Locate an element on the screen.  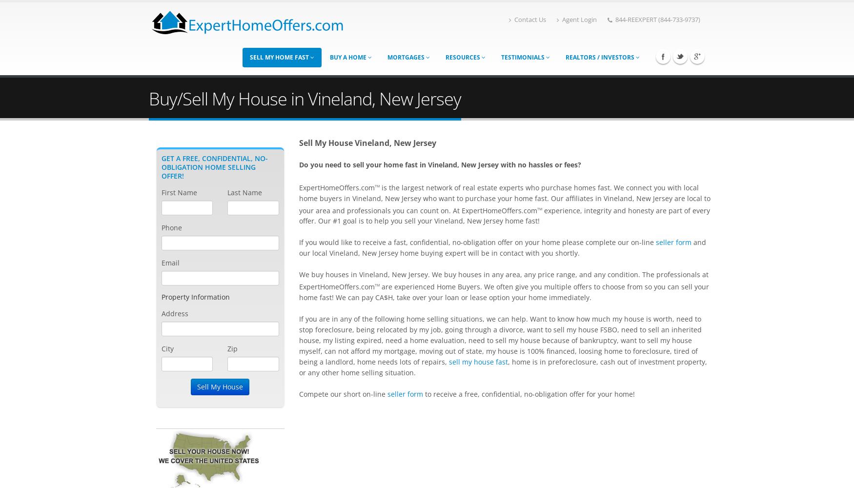
'ExpertHomeOffers.com' is located at coordinates (336, 187).